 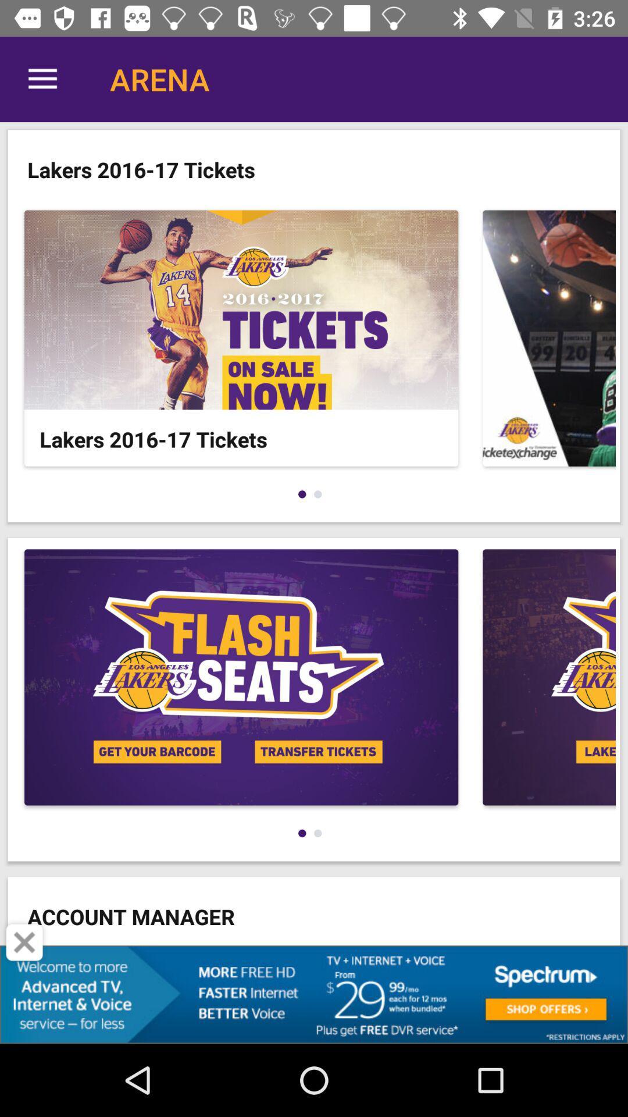 What do you see at coordinates (24, 942) in the screenshot?
I see `click close option` at bounding box center [24, 942].